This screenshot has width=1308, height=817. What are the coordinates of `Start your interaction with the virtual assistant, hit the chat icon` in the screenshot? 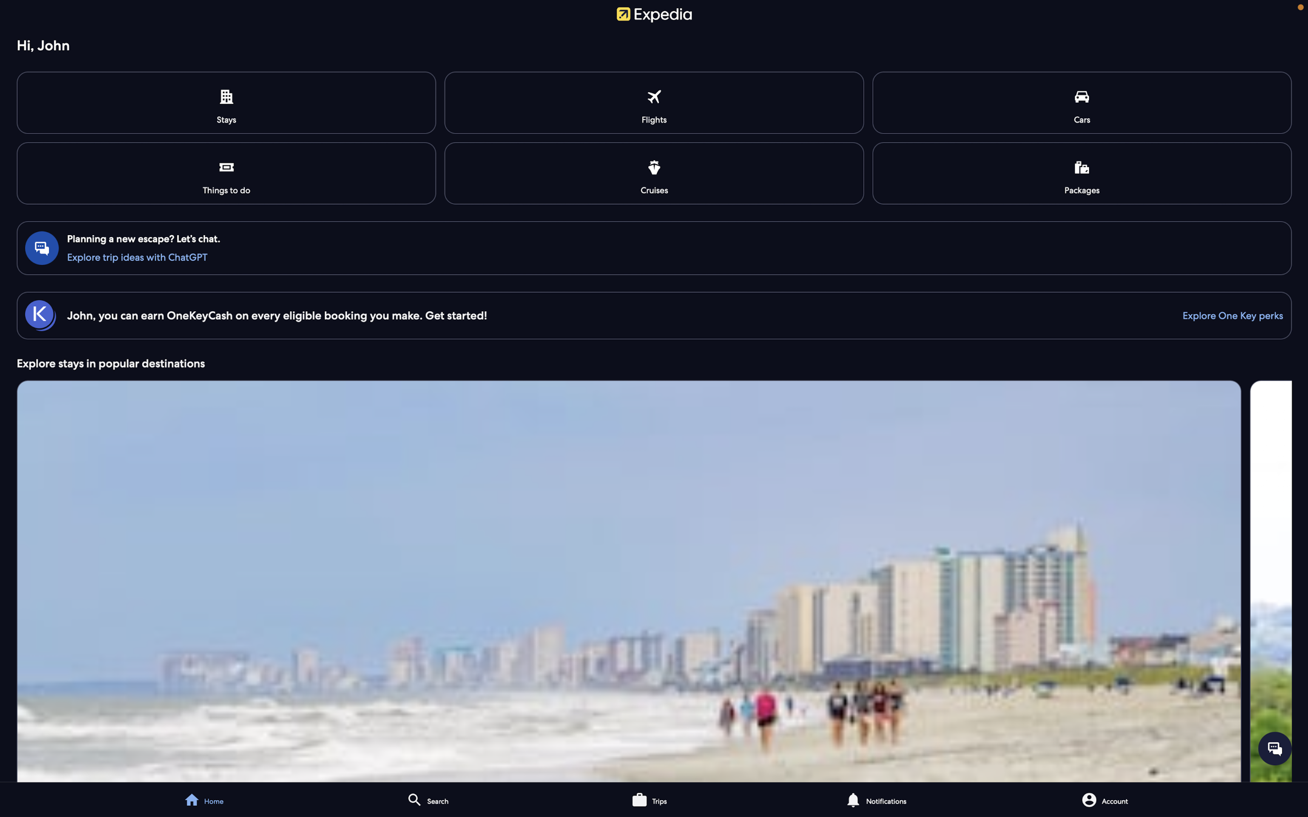 It's located at (1274, 747).